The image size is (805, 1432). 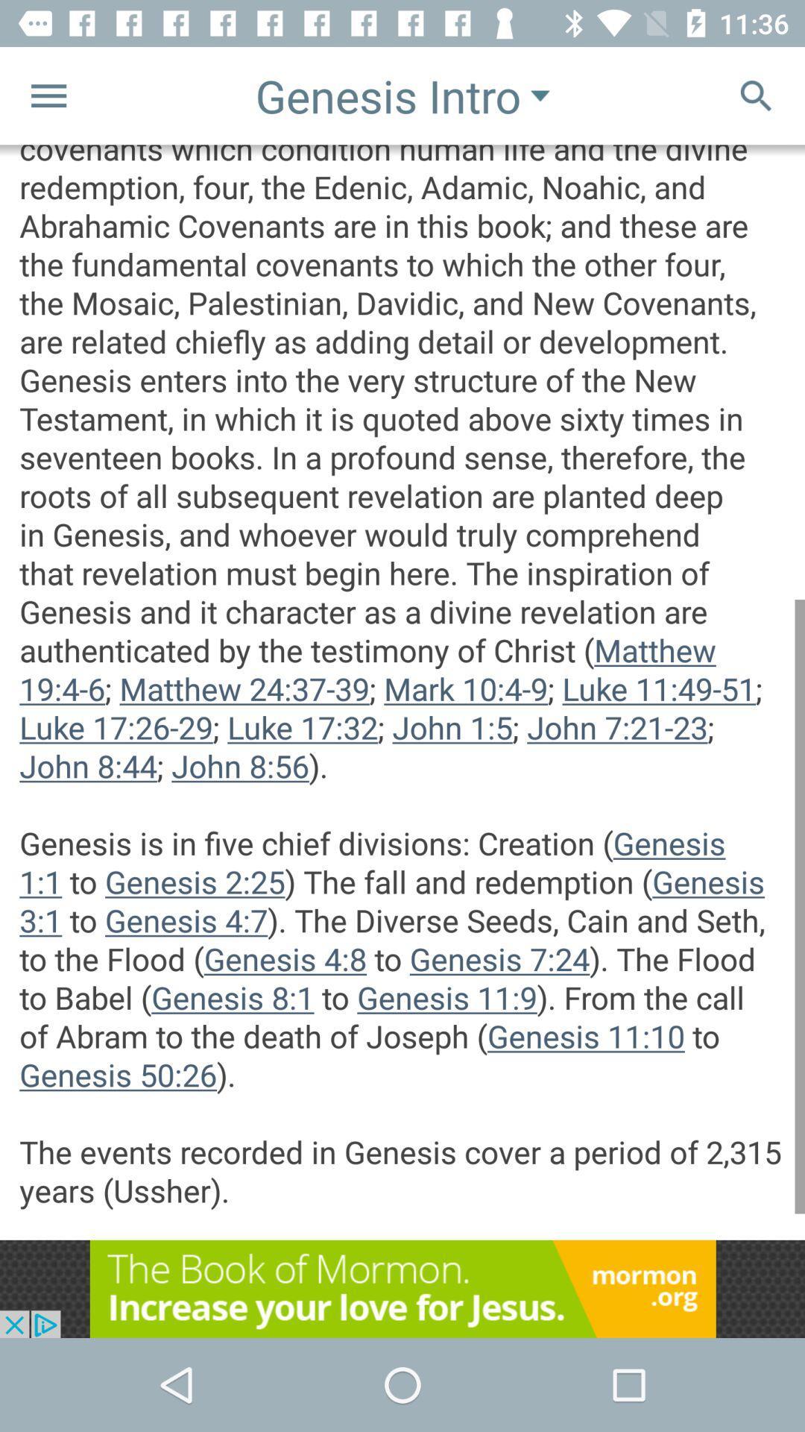 I want to click on menu button, so click(x=48, y=95).